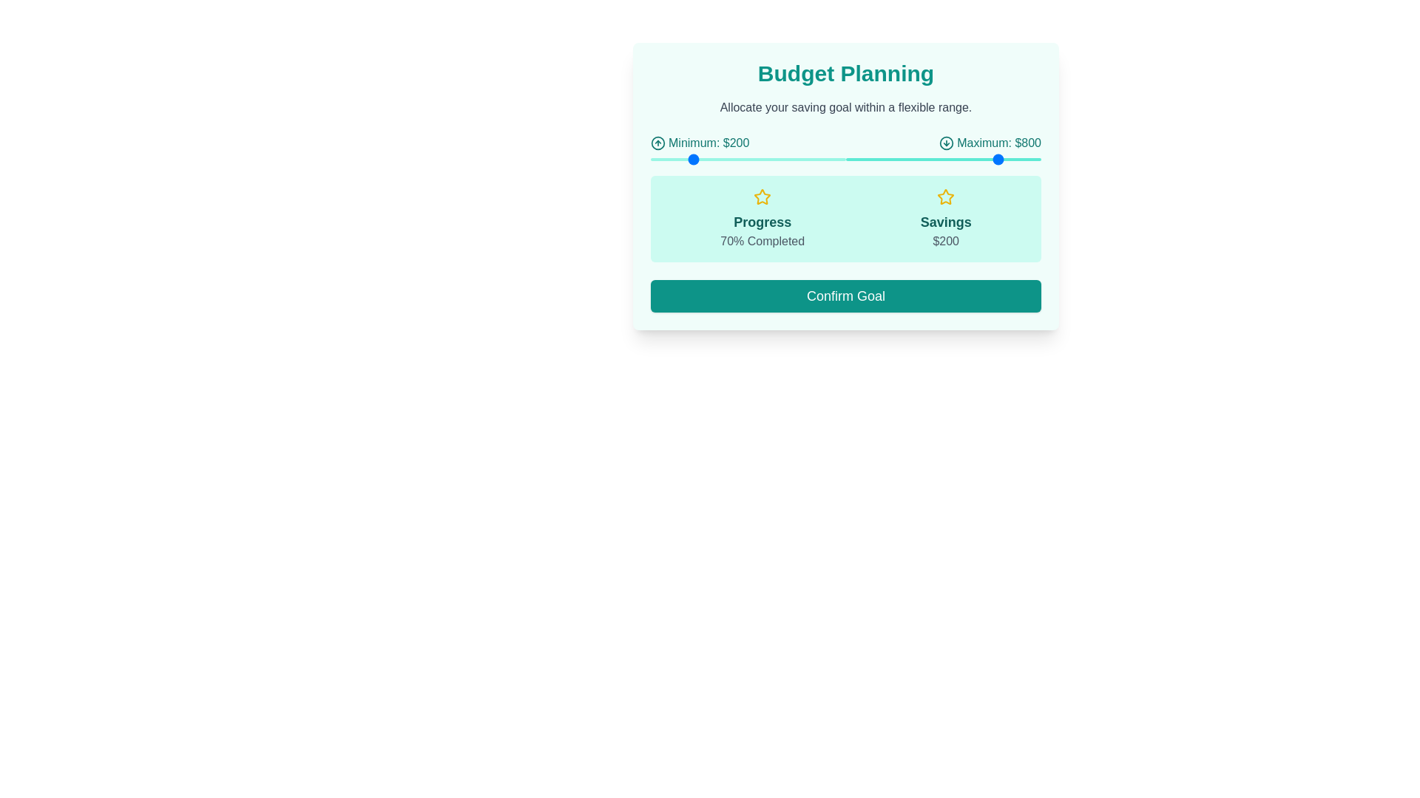  Describe the element at coordinates (945, 196) in the screenshot. I see `the star icon in the 'Savings' section, which visually represents a status or feature and enhances the card's appeal` at that location.